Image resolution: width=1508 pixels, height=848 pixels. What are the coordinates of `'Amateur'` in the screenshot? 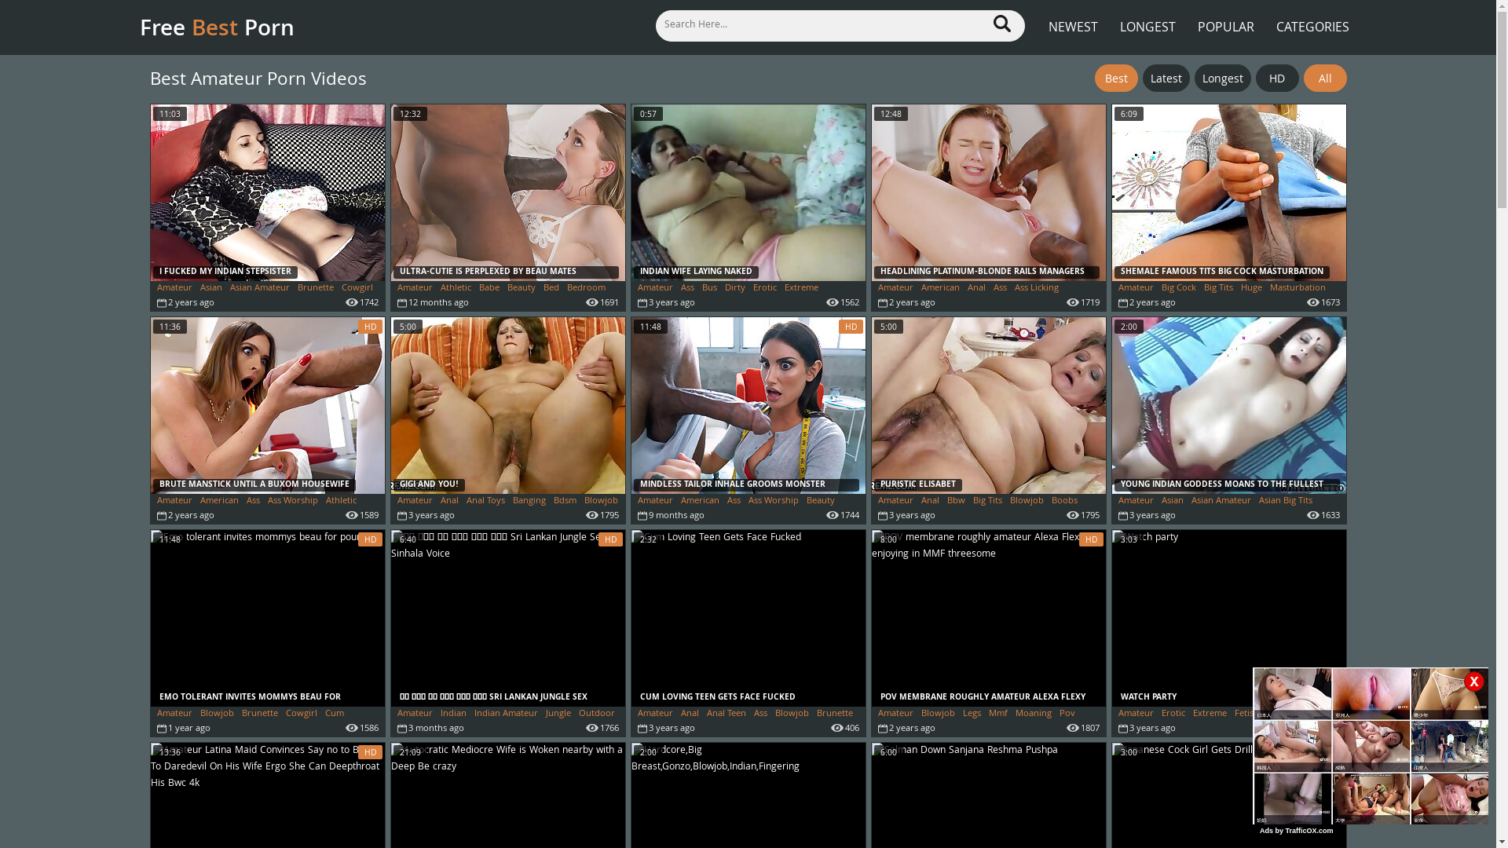 It's located at (877, 501).